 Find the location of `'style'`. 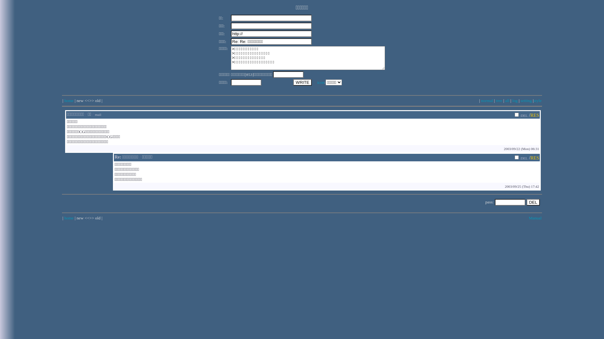

'style' is located at coordinates (537, 100).